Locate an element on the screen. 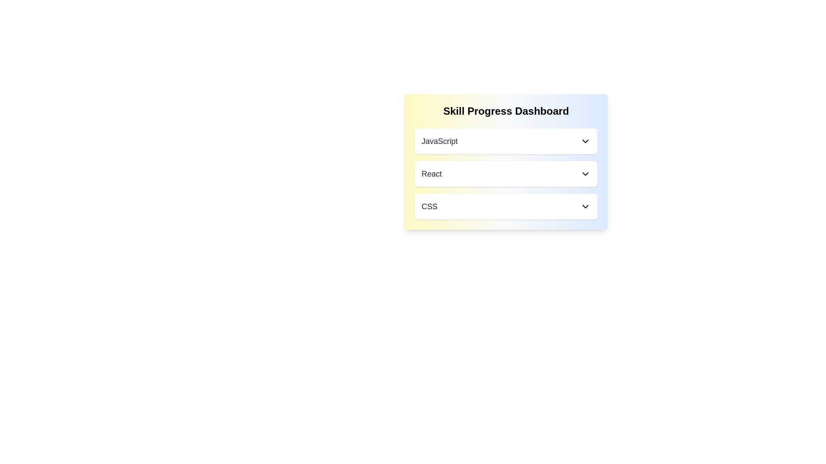 The image size is (826, 464). the text label displaying 'React', which is a bold medium-sized heading in dark gray within a dropdown-like component, positioned as the left-aligned text in the middle section of the list-like structure is located at coordinates (431, 174).